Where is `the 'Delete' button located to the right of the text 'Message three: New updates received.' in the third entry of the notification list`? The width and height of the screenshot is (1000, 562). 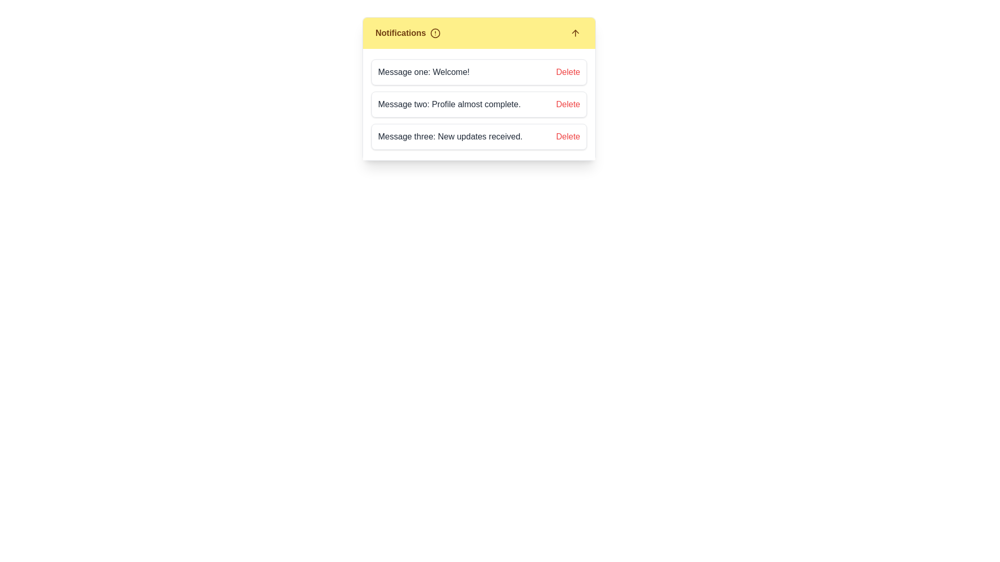
the 'Delete' button located to the right of the text 'Message three: New updates received.' in the third entry of the notification list is located at coordinates (567, 136).